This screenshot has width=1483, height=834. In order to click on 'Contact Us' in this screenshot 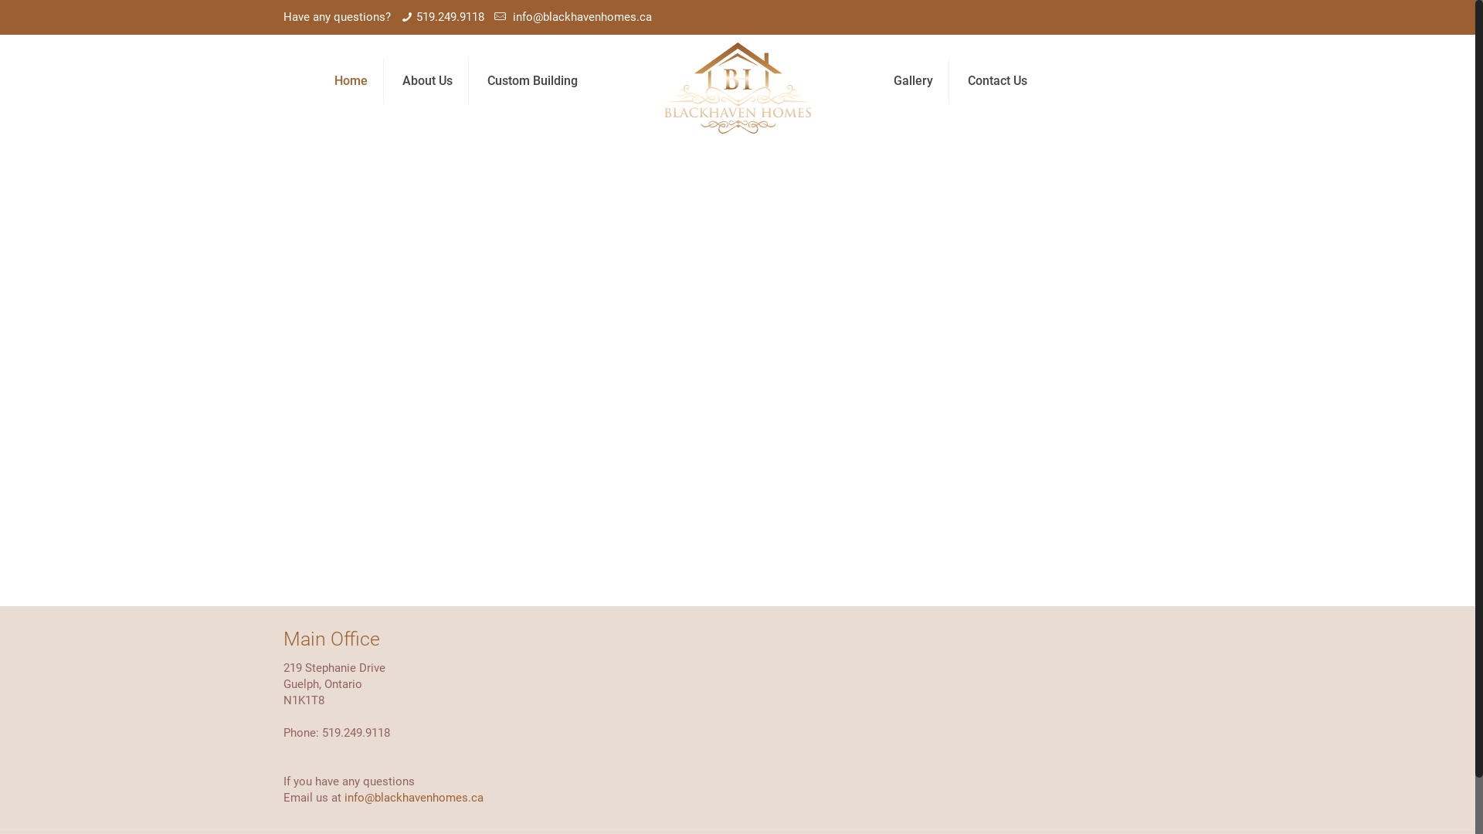, I will do `click(997, 80)`.